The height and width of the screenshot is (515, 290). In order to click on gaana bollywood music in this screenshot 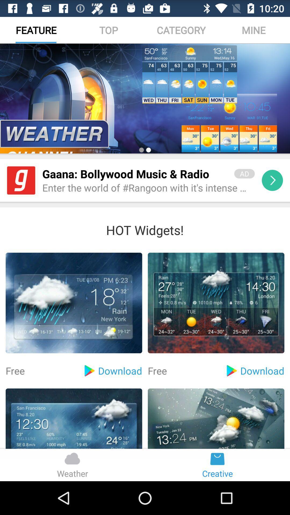, I will do `click(134, 174)`.